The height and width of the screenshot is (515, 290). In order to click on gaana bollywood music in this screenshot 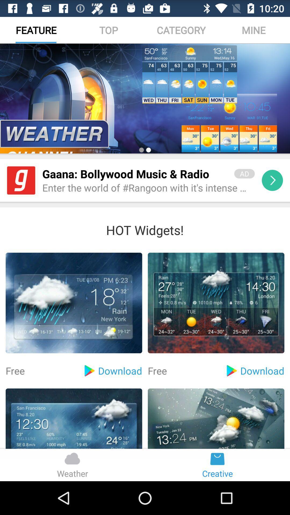, I will do `click(134, 174)`.